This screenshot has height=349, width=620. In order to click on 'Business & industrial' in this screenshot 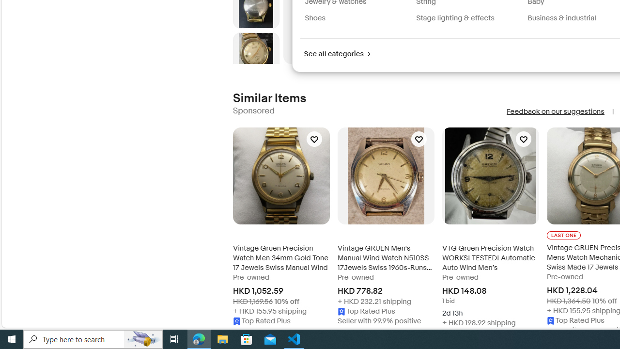, I will do `click(562, 18)`.